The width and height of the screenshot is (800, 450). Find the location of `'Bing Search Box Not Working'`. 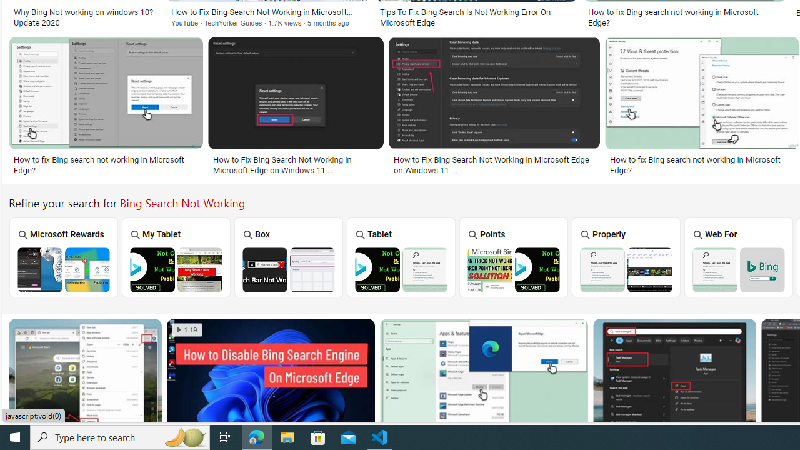

'Bing Search Box Not Working' is located at coordinates (288, 269).